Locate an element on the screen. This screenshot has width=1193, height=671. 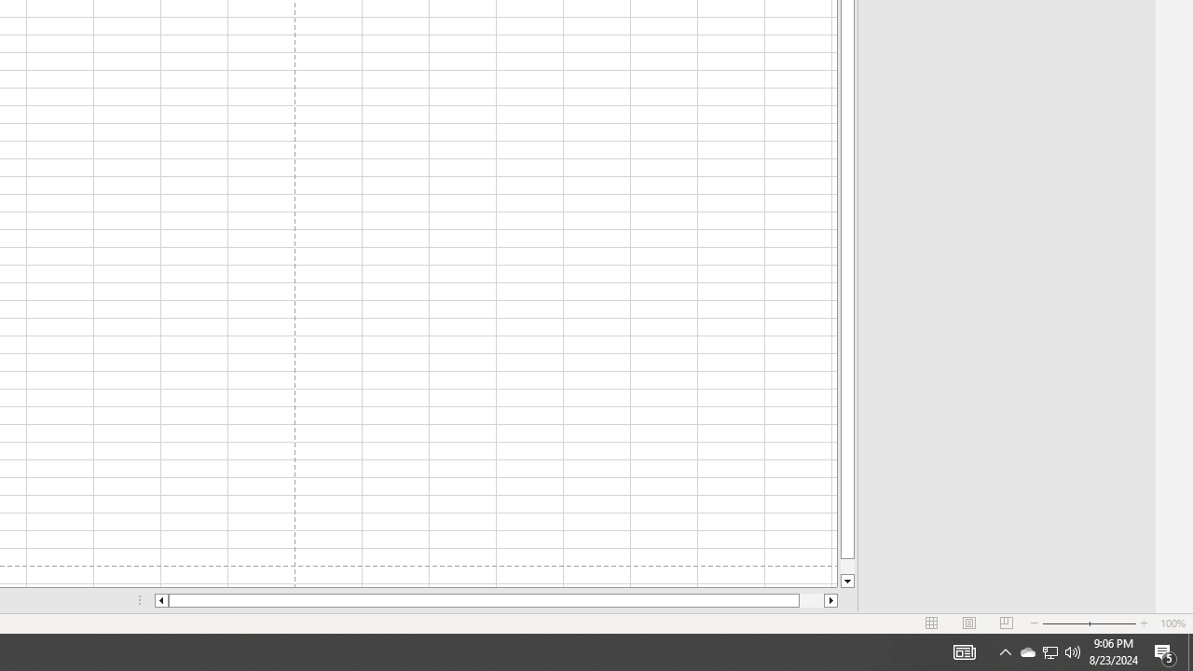
'Column right' is located at coordinates (830, 600).